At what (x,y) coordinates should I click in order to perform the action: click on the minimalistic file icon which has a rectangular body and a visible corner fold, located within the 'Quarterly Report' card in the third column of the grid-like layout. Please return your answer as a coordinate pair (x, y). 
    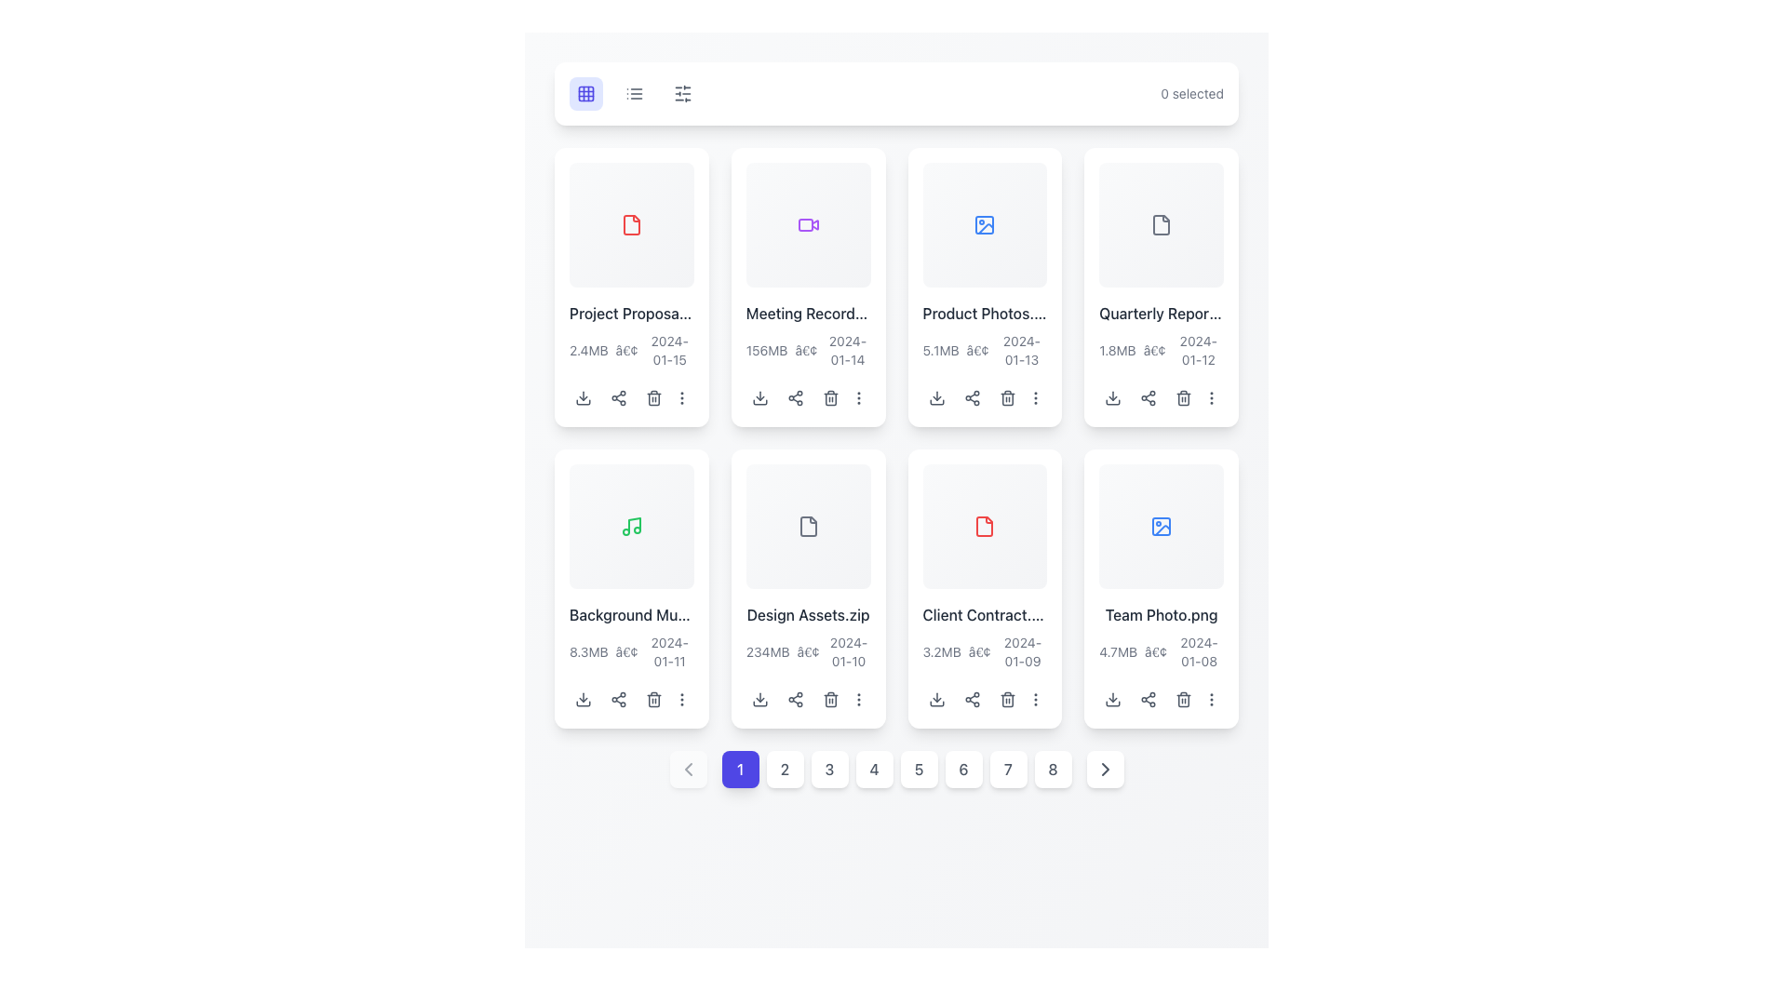
    Looking at the image, I should click on (1161, 223).